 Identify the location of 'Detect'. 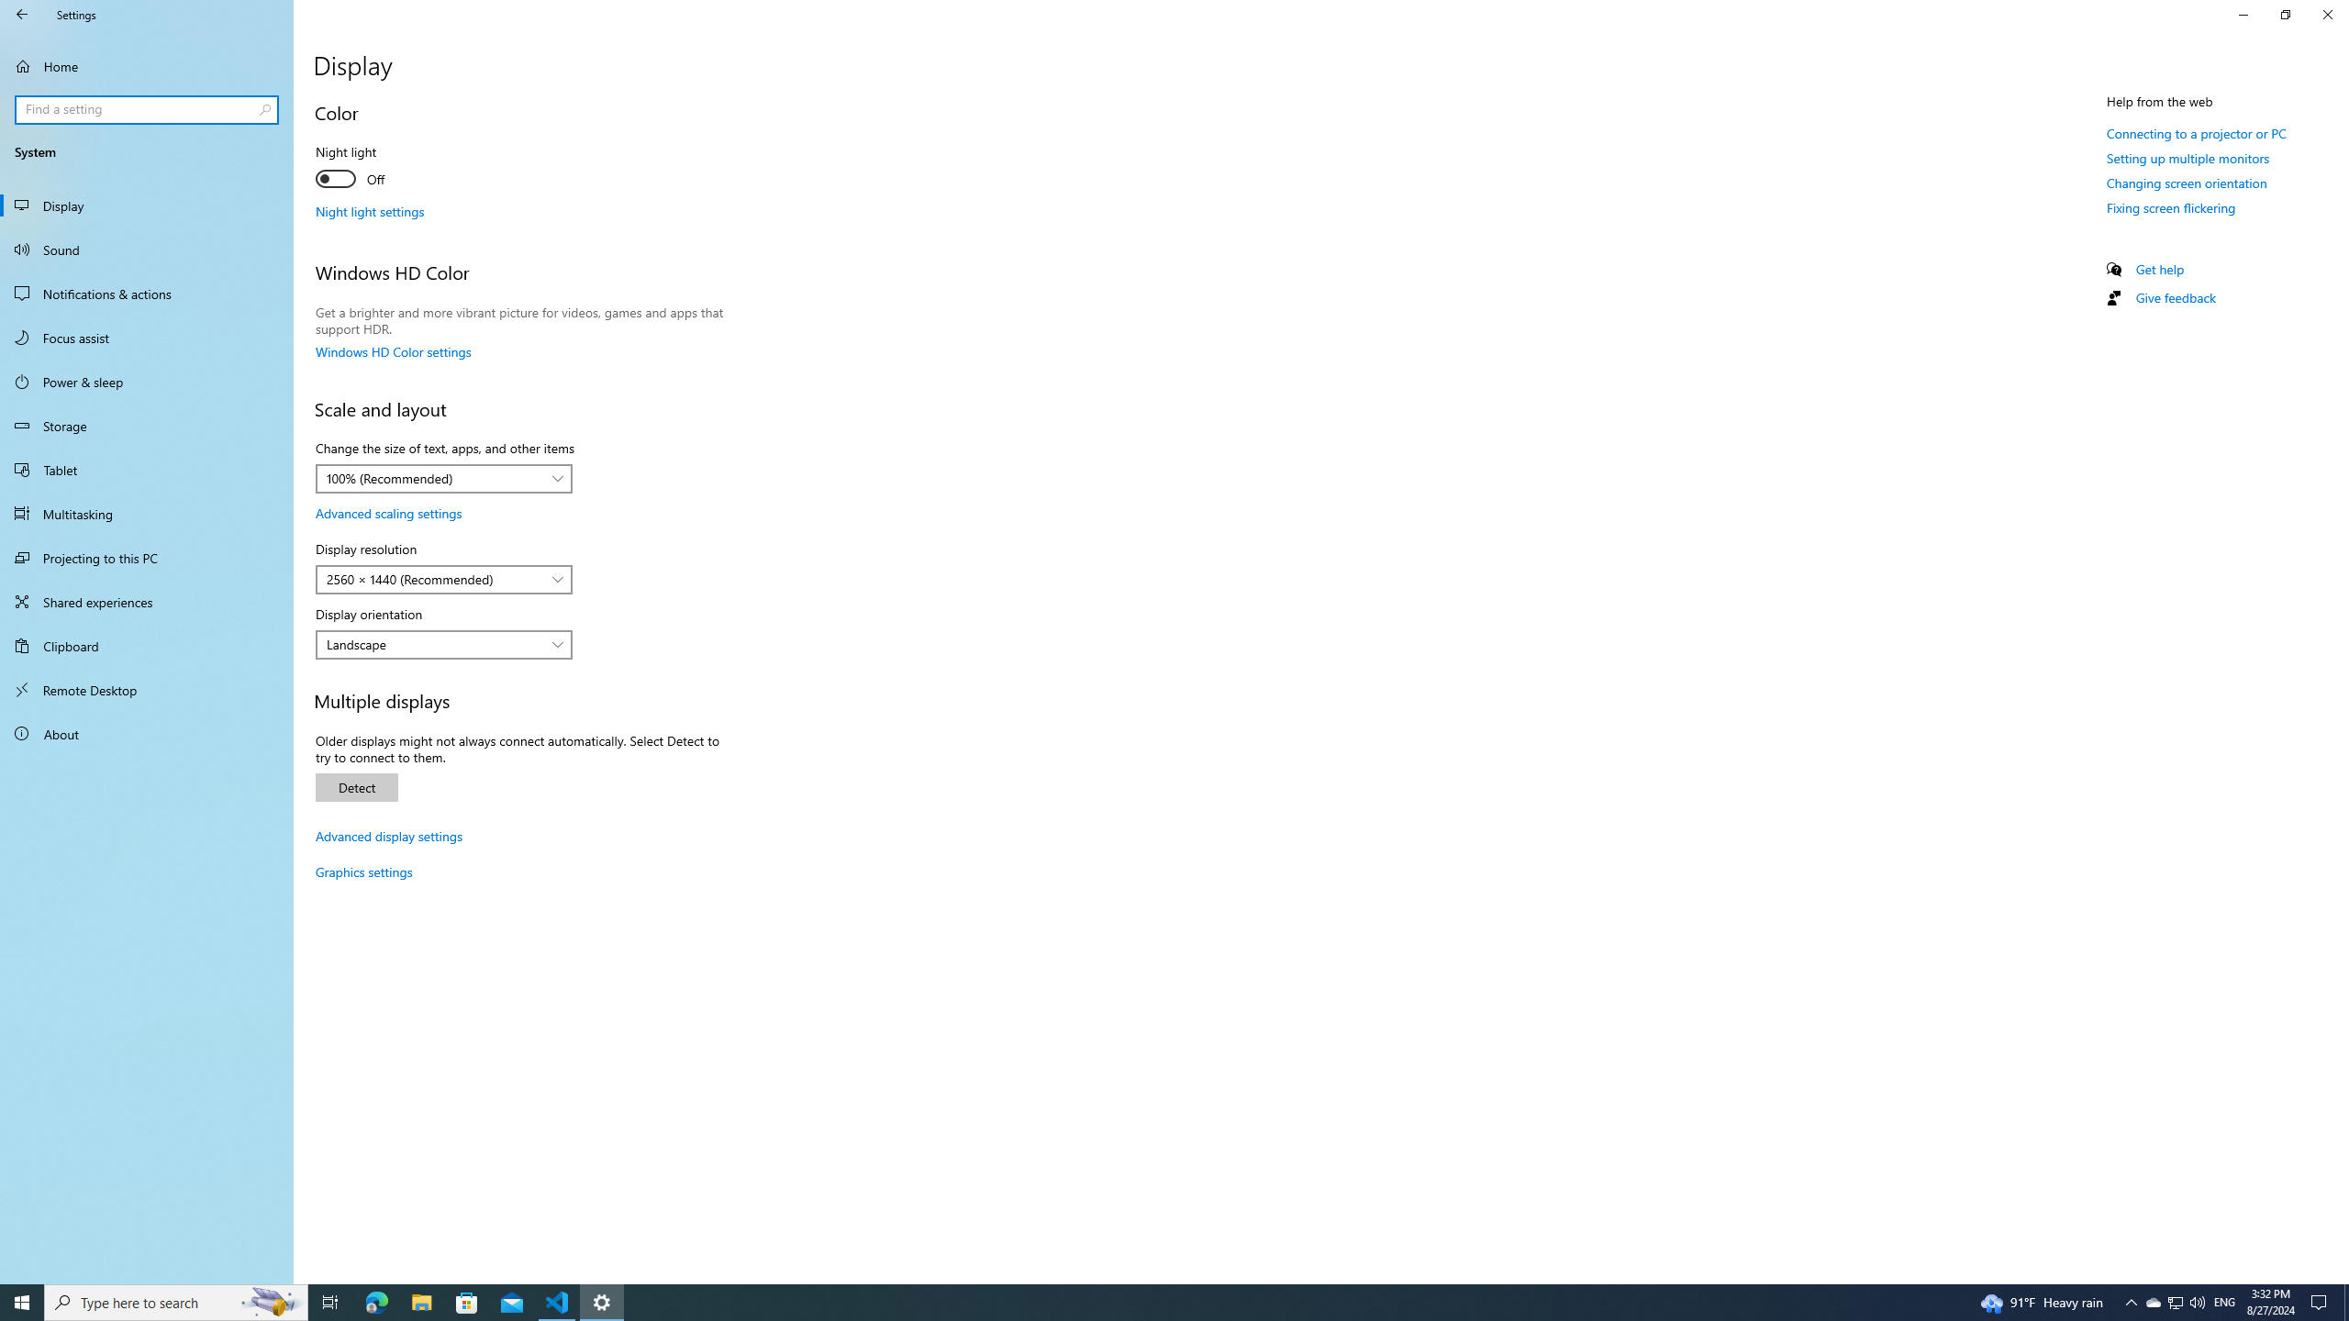
(356, 786).